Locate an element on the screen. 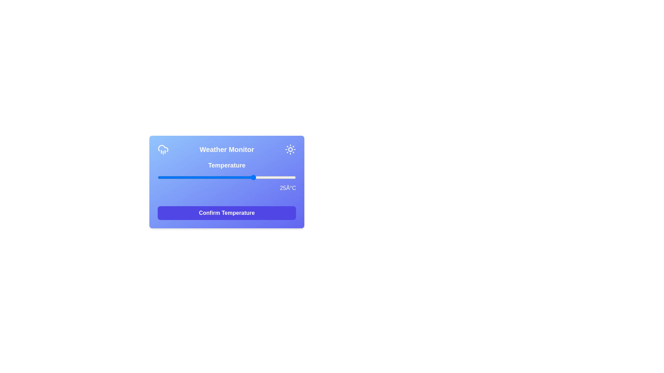  the temperature is located at coordinates (232, 177).